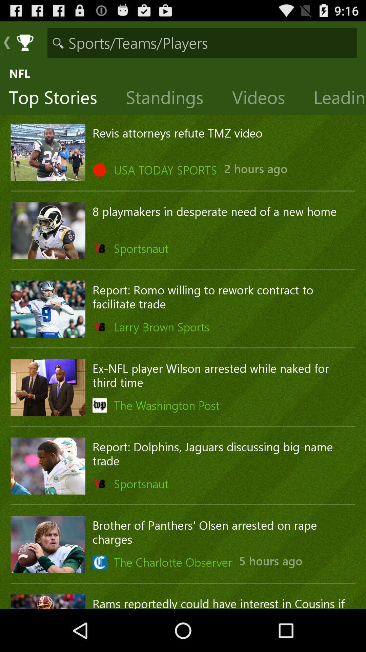  What do you see at coordinates (263, 98) in the screenshot?
I see `videos item` at bounding box center [263, 98].